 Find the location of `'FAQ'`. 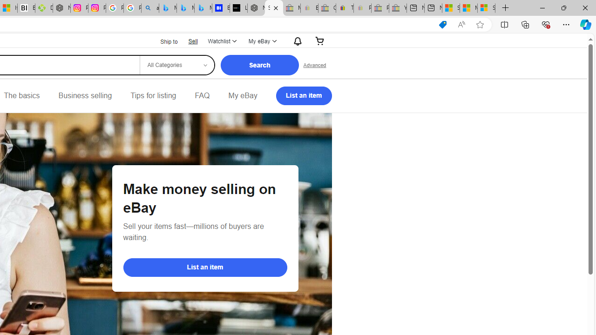

'FAQ' is located at coordinates (202, 95).